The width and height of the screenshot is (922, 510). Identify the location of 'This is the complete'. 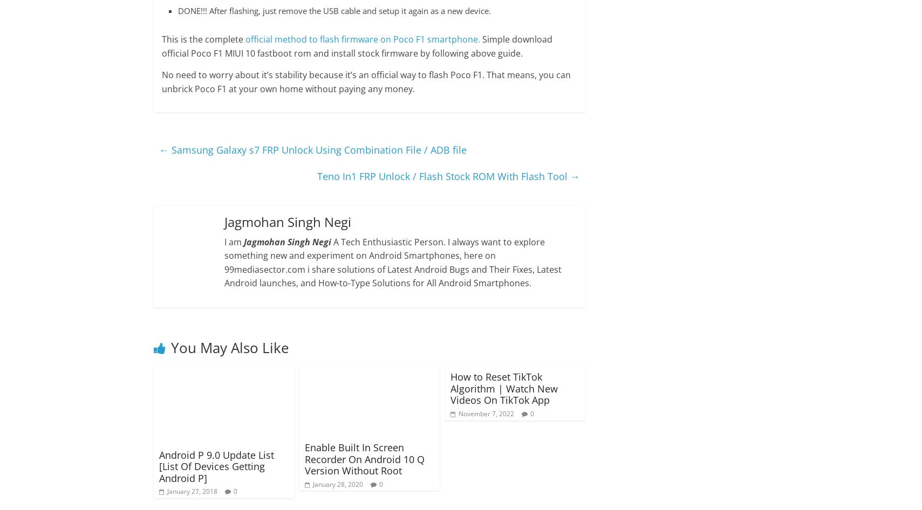
(161, 38).